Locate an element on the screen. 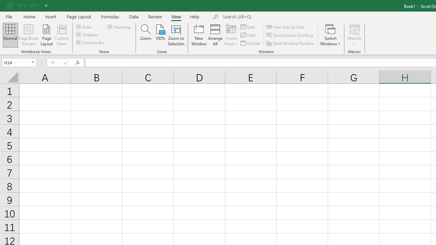 Image resolution: width=436 pixels, height=245 pixels. 'Macros' is located at coordinates (354, 35).